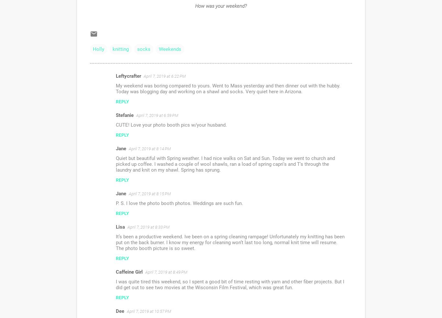 This screenshot has width=442, height=318. Describe the element at coordinates (228, 88) in the screenshot. I see `'My weekend was boring compared to yours.  Went to Mass yesterday and then dinner out with the hubby.  Today was blogging day and working on a shawl and socks.  Very quiet here in Arizona.'` at that location.